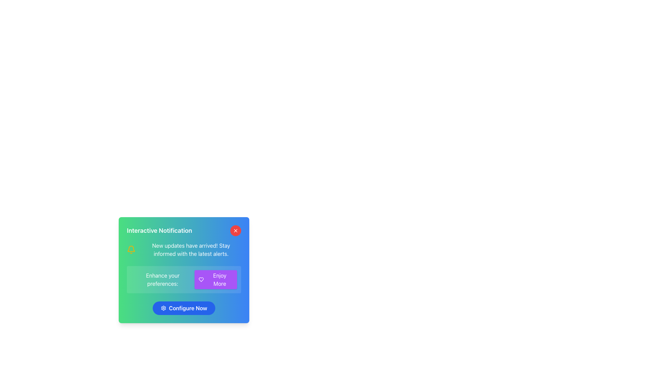 The height and width of the screenshot is (367, 653). Describe the element at coordinates (163, 308) in the screenshot. I see `the gear-like SVG icon outlined in white against a blue circular background, which is located within the 'Configure Now' button` at that location.